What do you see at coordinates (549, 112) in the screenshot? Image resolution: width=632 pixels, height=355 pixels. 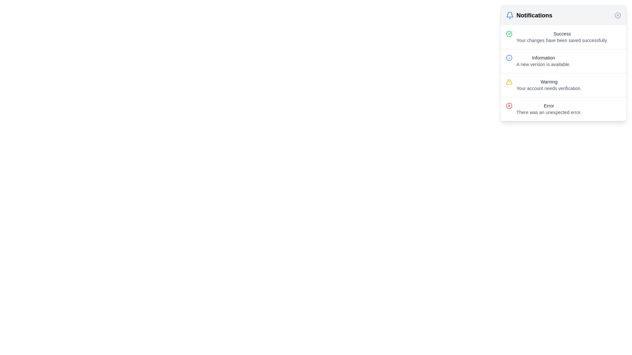 I see `text from the Text Label element stating 'There was an unexpected error.' which is located in the error notification block on the right side of the interface` at bounding box center [549, 112].